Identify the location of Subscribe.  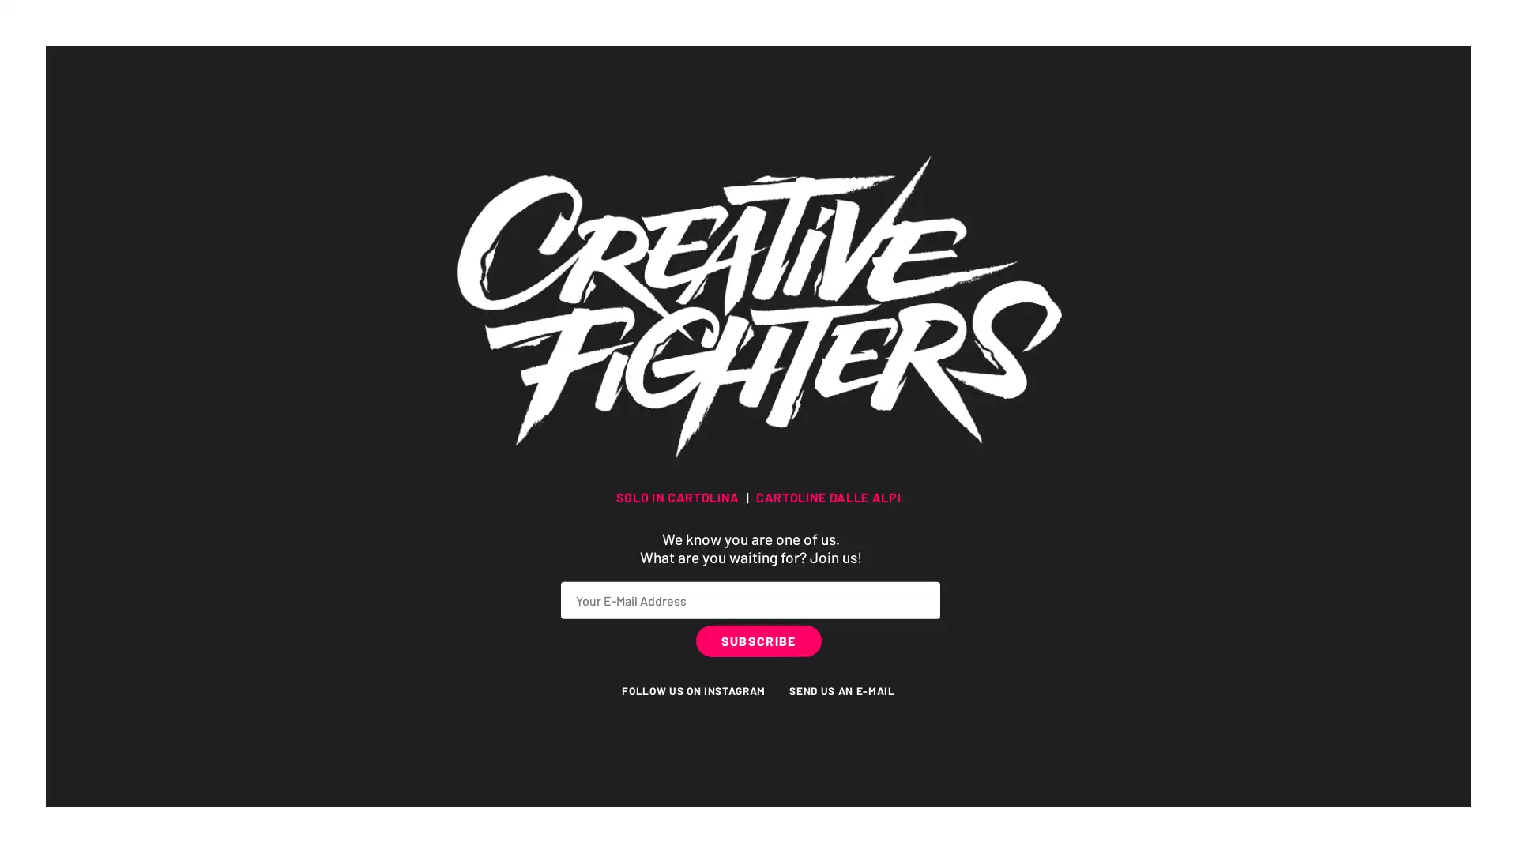
(757, 640).